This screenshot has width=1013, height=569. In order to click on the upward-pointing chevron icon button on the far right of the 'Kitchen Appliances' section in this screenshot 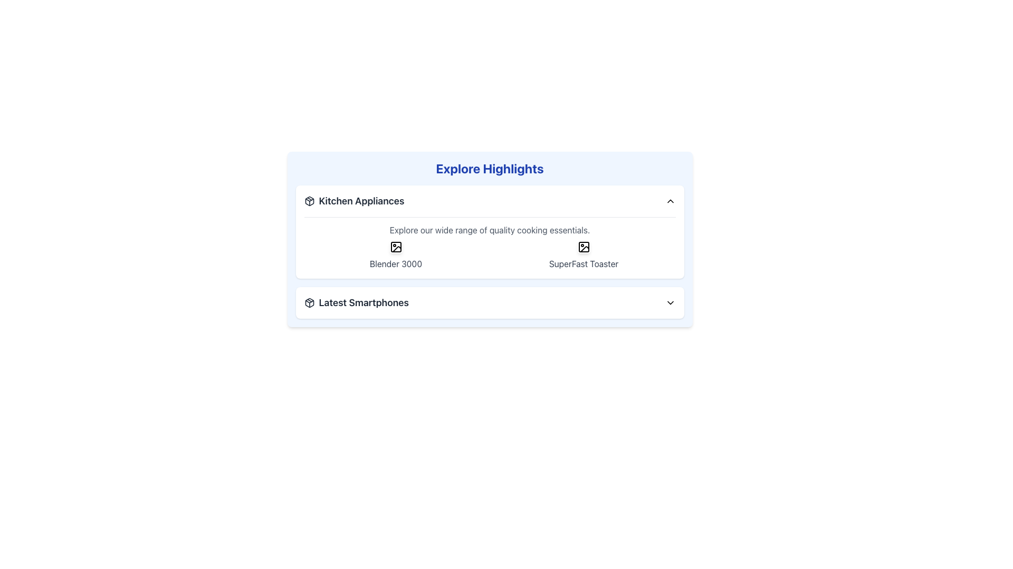, I will do `click(670, 201)`.